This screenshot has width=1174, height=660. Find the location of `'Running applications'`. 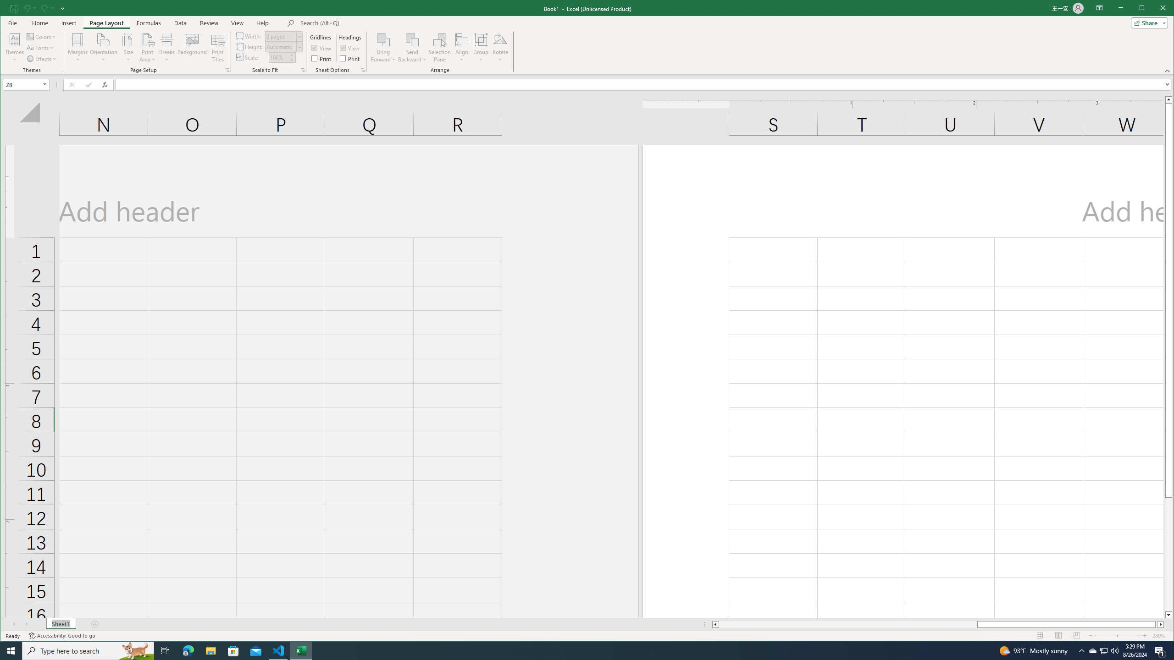

'Running applications' is located at coordinates (578, 650).